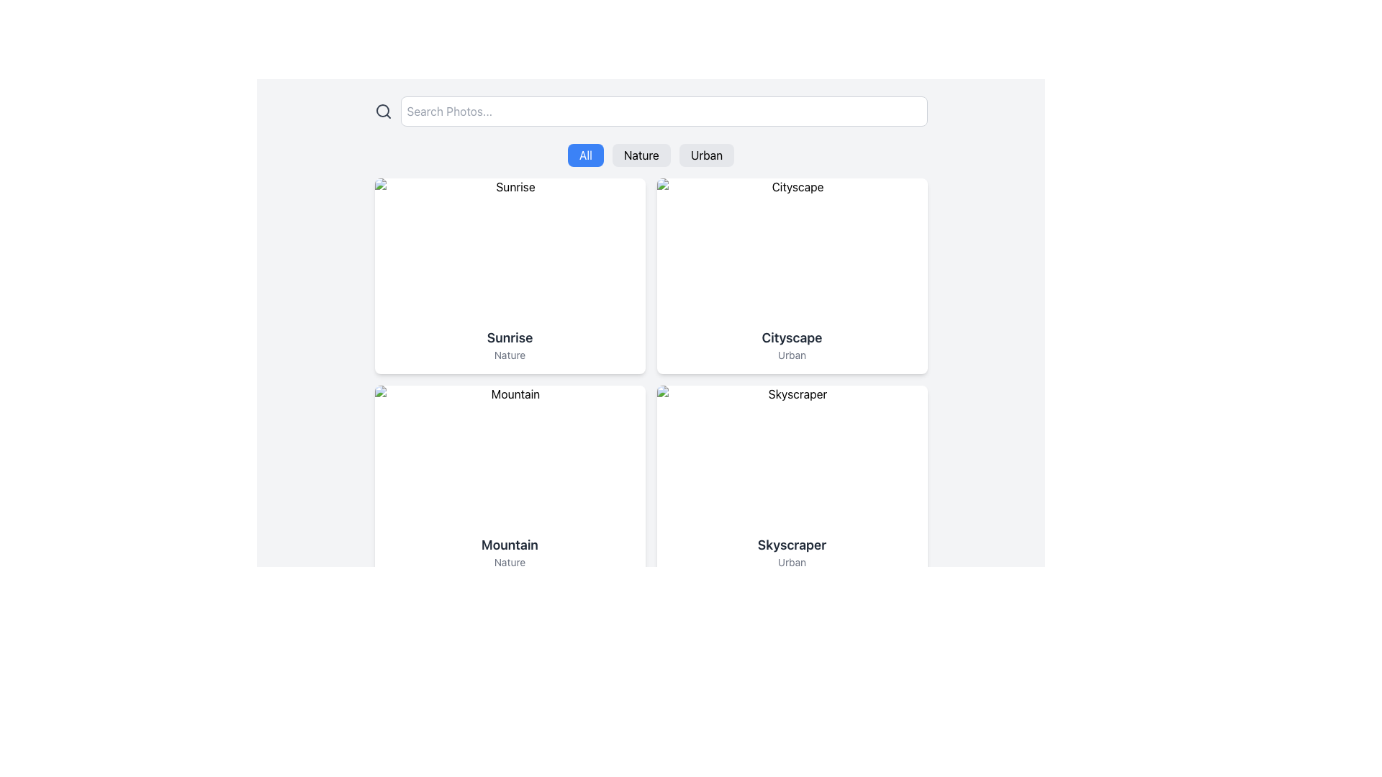 The height and width of the screenshot is (777, 1382). Describe the element at coordinates (791, 345) in the screenshot. I see `the text label positioned at the lower section of the rectangular card` at that location.